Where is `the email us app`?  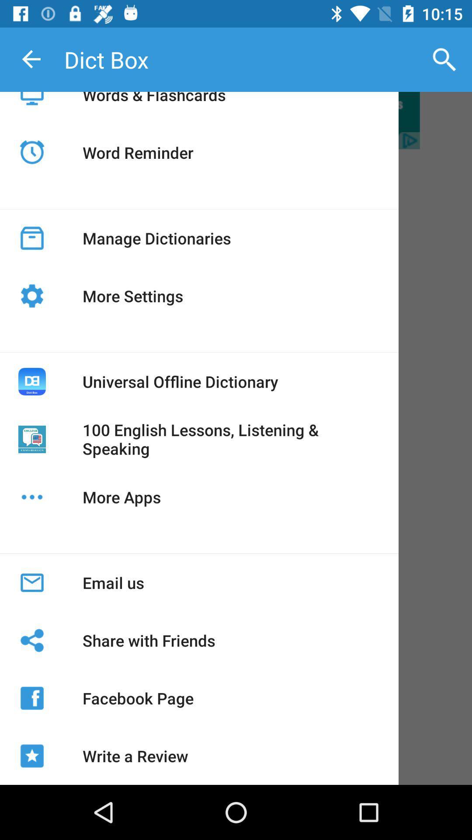
the email us app is located at coordinates (113, 583).